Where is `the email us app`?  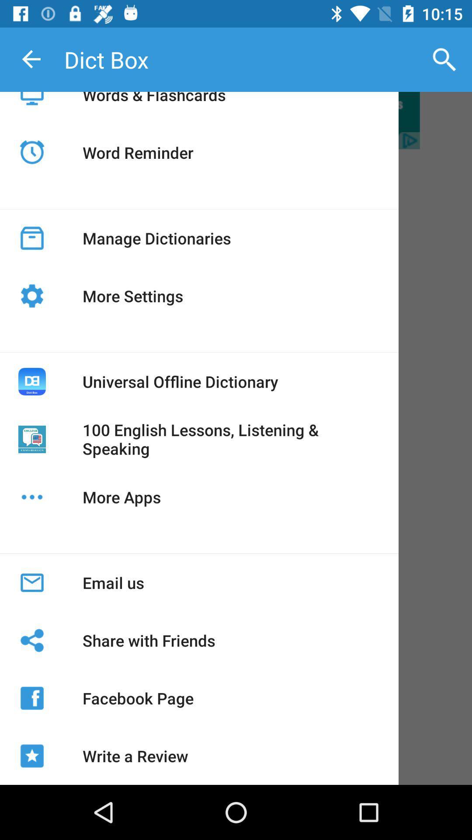
the email us app is located at coordinates (113, 583).